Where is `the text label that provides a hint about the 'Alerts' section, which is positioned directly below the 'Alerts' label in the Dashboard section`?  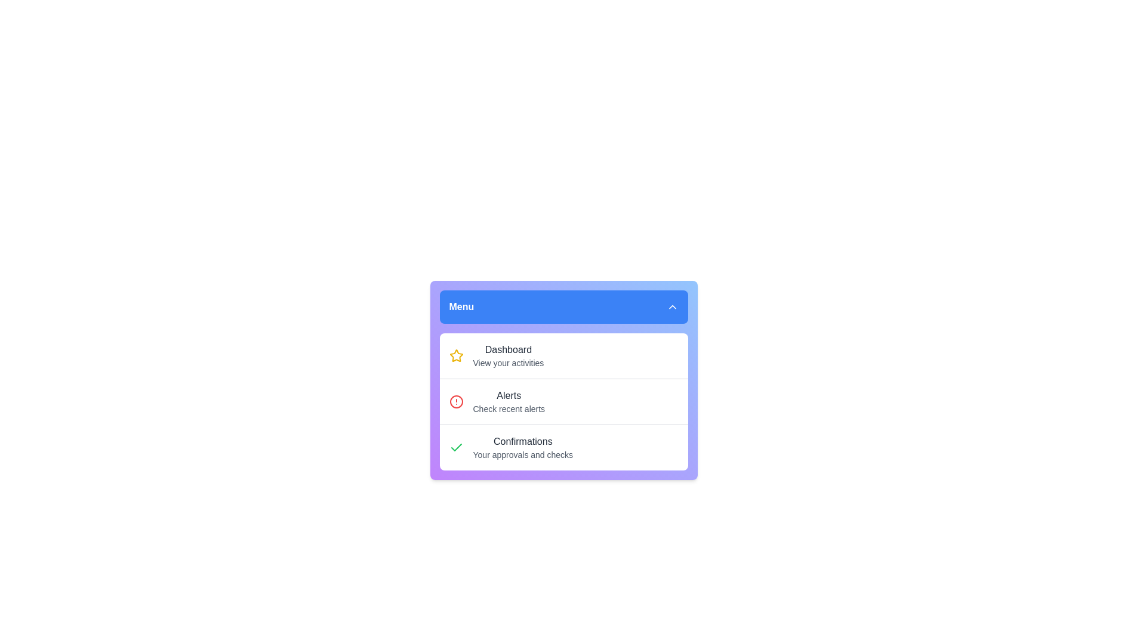 the text label that provides a hint about the 'Alerts' section, which is positioned directly below the 'Alerts' label in the Dashboard section is located at coordinates (509, 408).